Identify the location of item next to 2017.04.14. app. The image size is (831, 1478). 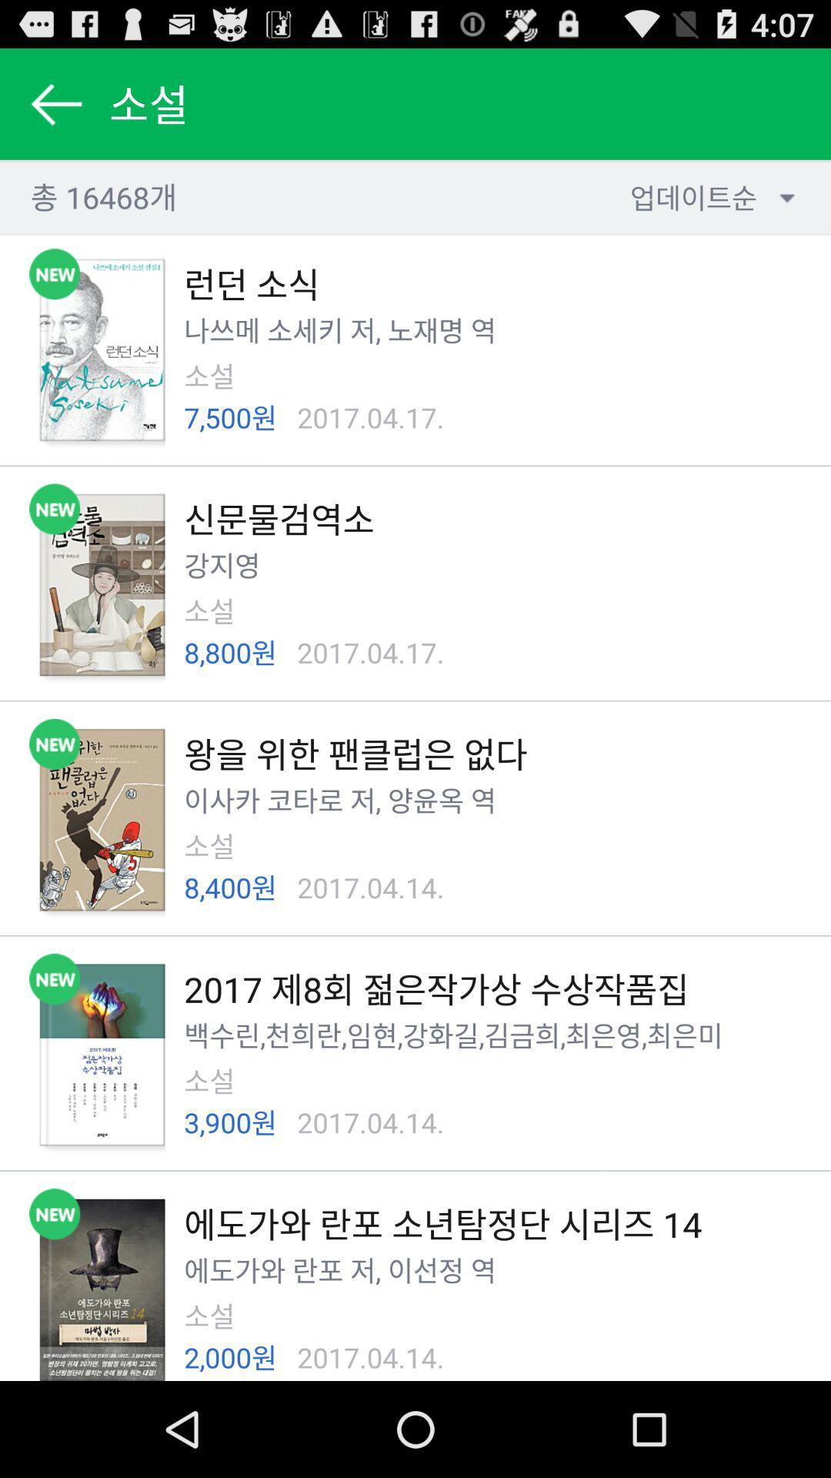
(230, 1122).